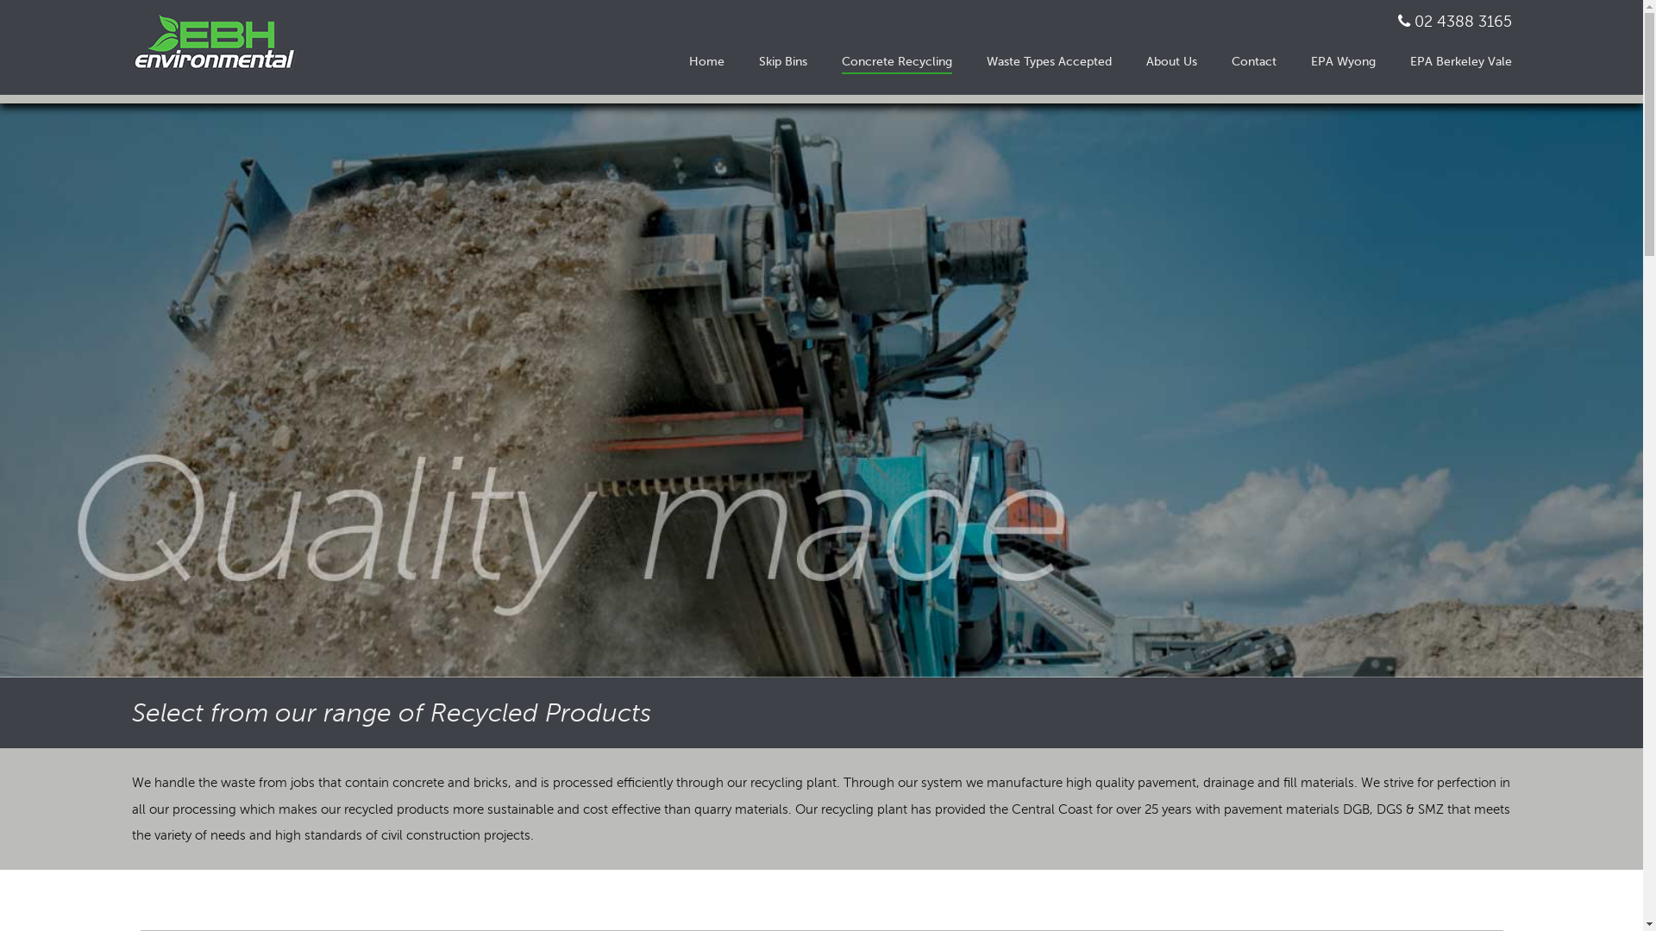  Describe the element at coordinates (1342, 60) in the screenshot. I see `'EPA Wyong'` at that location.